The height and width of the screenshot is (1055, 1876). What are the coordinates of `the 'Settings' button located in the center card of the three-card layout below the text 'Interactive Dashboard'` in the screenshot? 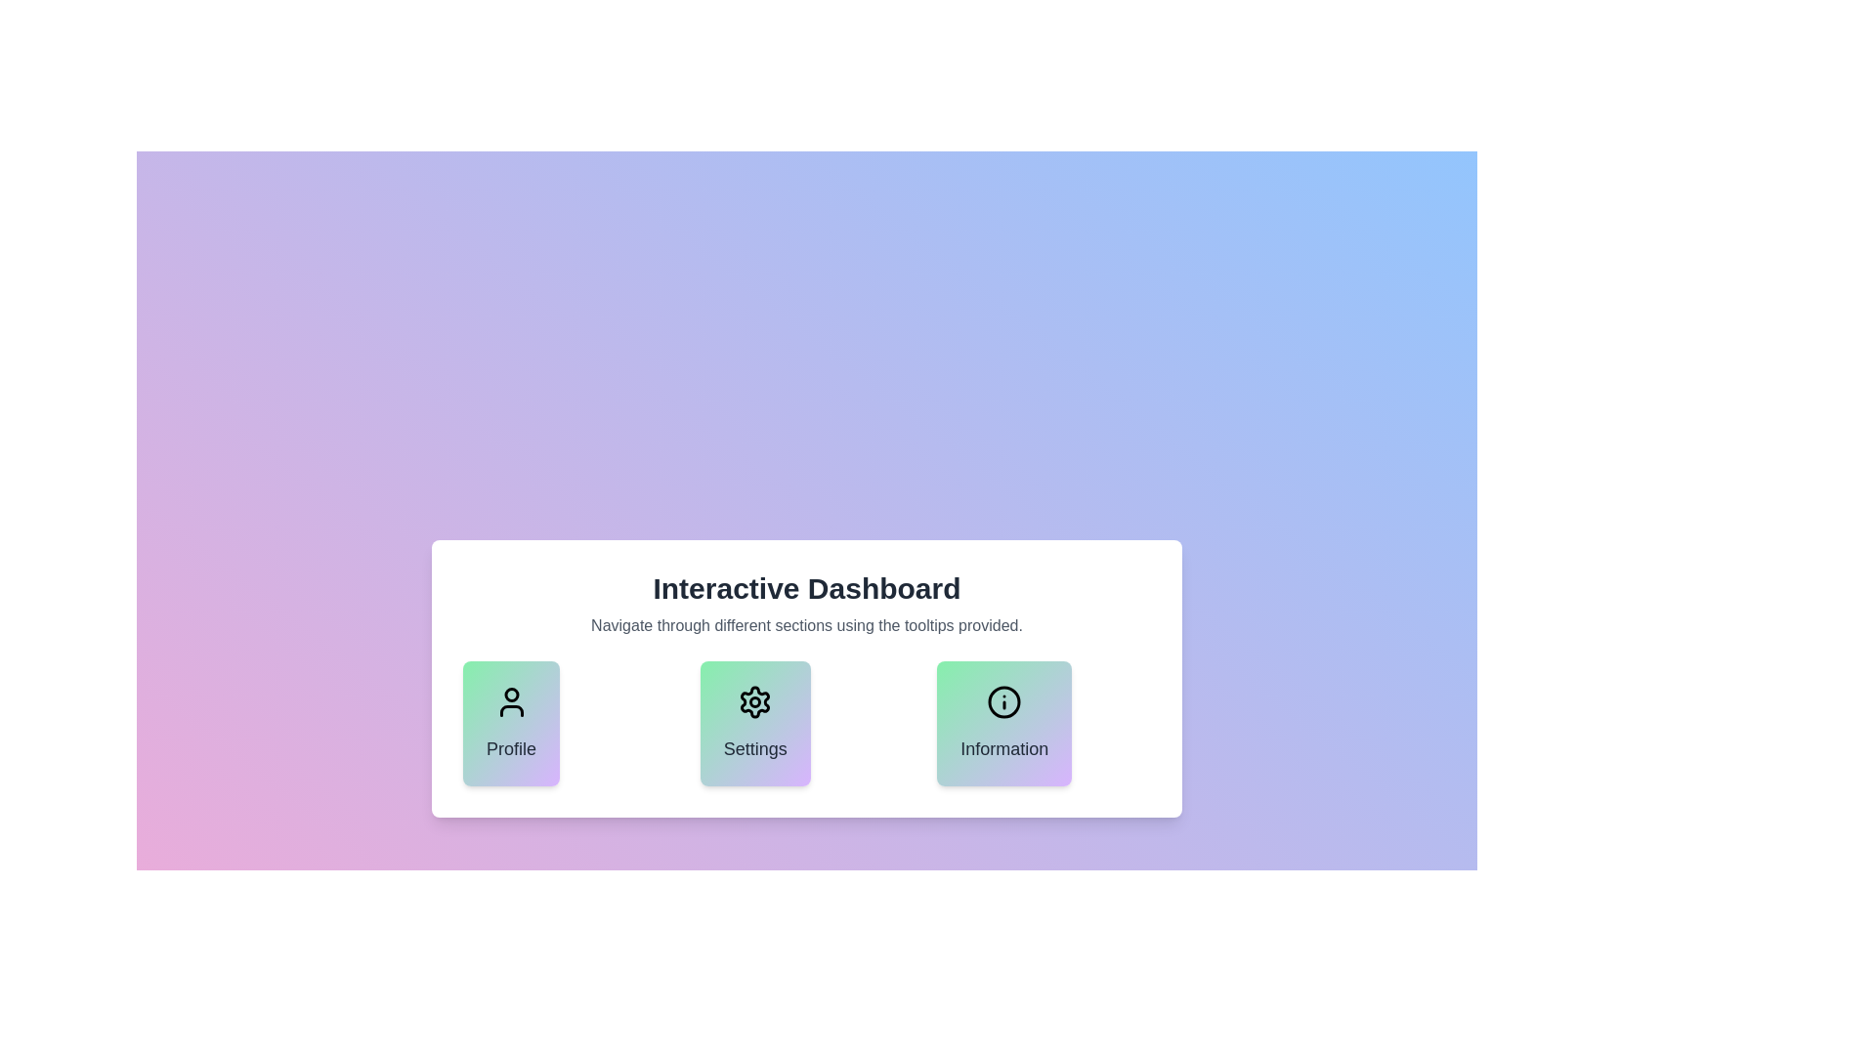 It's located at (754, 700).